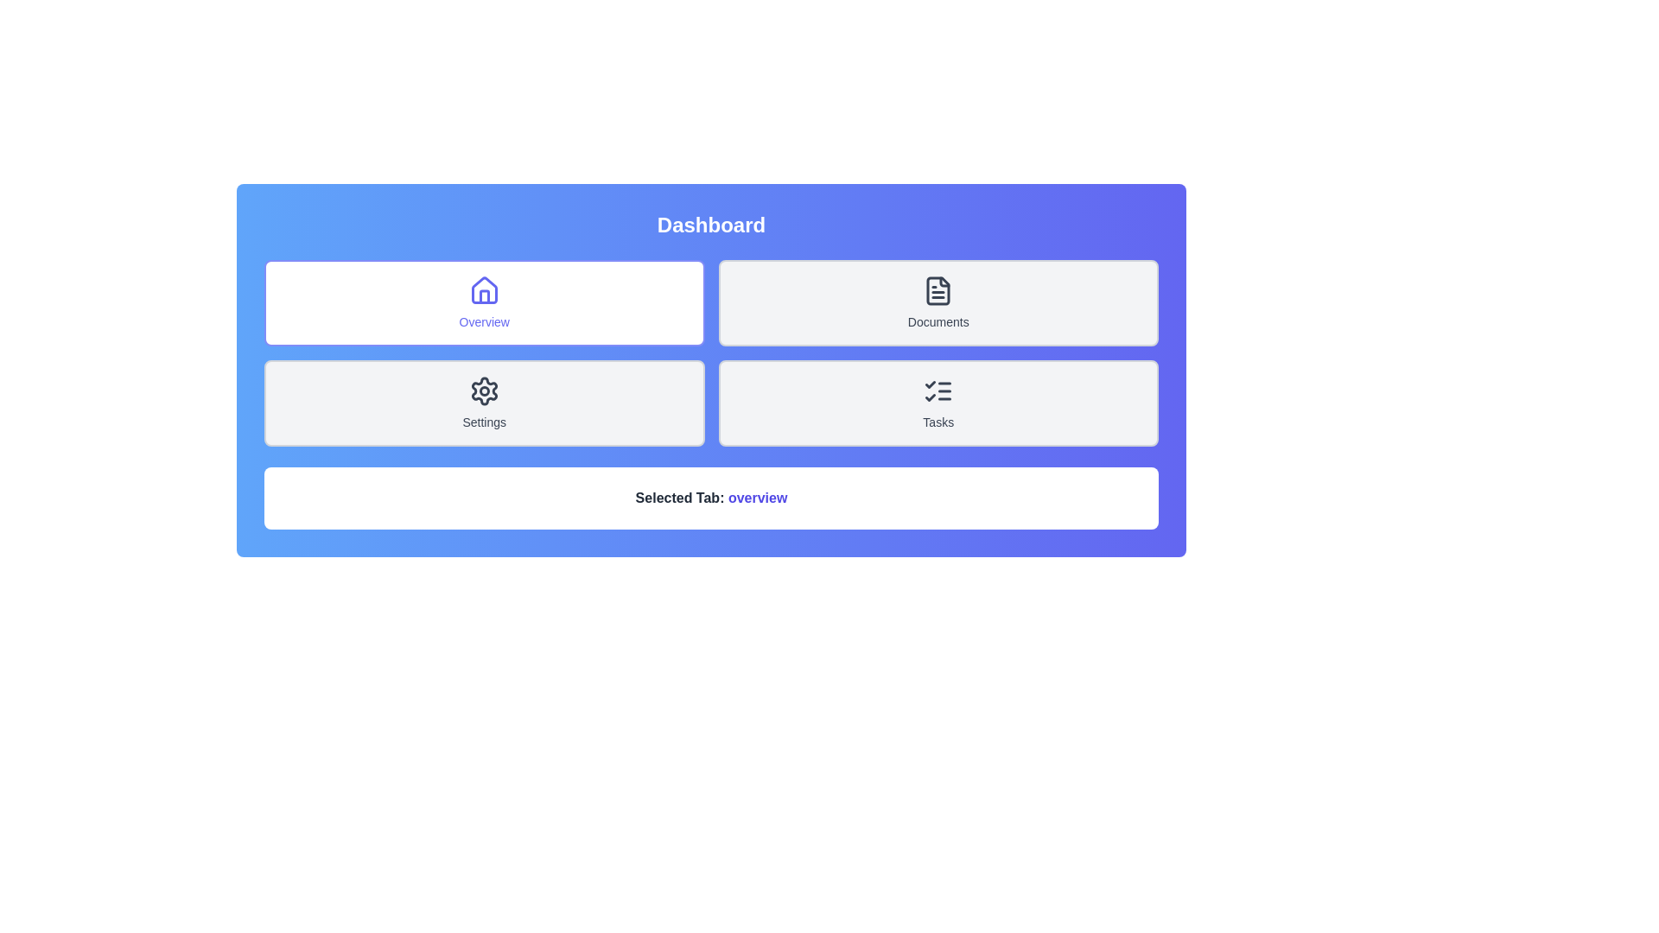 This screenshot has height=933, width=1659. I want to click on the text label that displays the currently selected tab or section, located at the bottom of the interface beneath the navigation buttons, which has a white background and rounded corners, so click(711, 498).